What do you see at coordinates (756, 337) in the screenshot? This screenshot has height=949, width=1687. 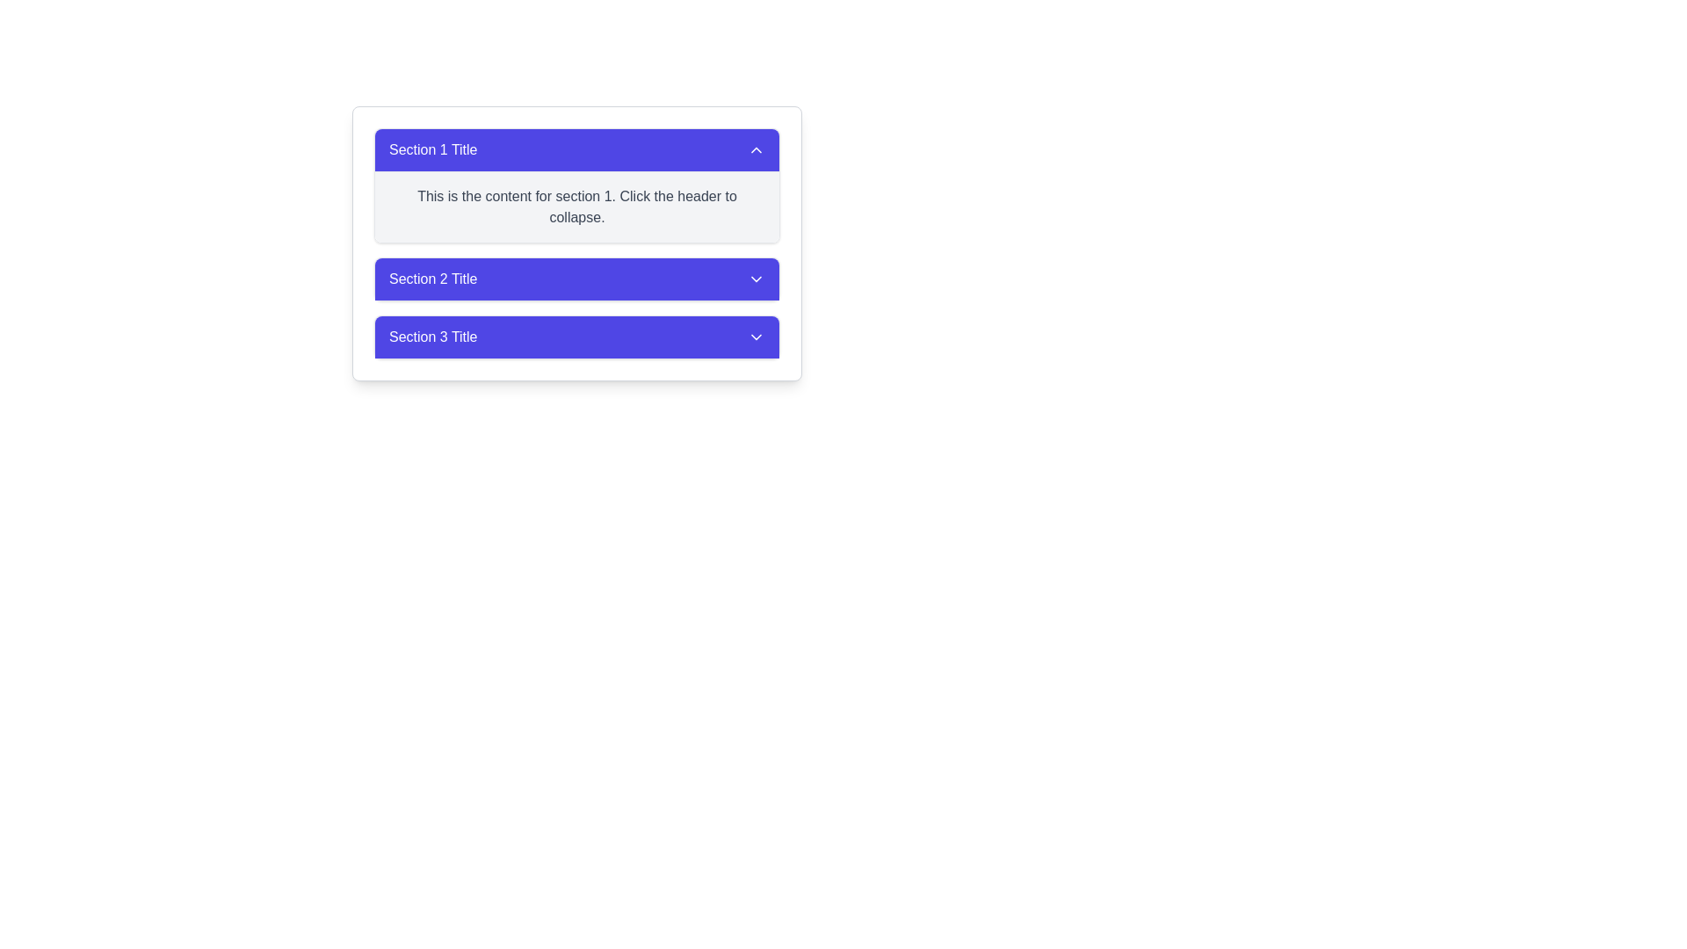 I see `the Chevron or Arrow Icon located on the top-right side of the 'Section 3 Title' title bar` at bounding box center [756, 337].